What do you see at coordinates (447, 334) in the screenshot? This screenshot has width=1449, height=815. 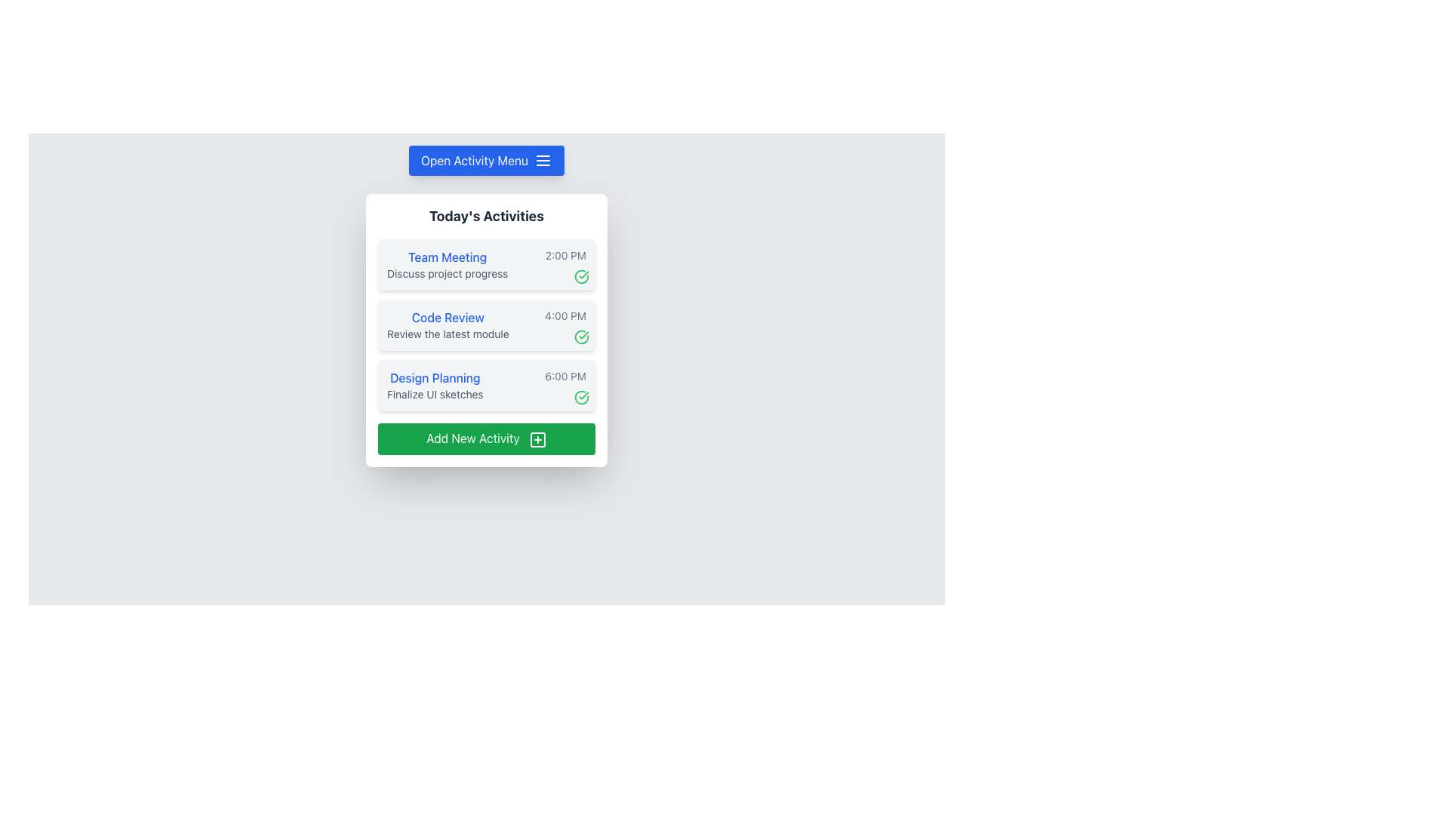 I see `the text element providing details related to the 'Code Review' task, located under the 'Code Review' heading within the 'Today's Activities' box` at bounding box center [447, 334].